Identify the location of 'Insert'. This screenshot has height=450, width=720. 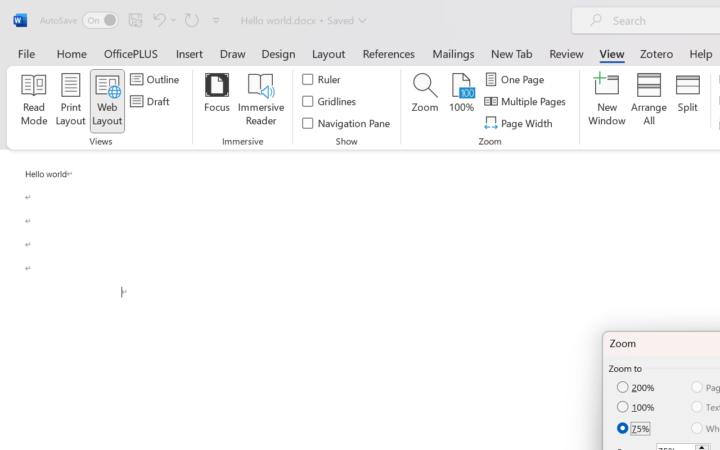
(190, 53).